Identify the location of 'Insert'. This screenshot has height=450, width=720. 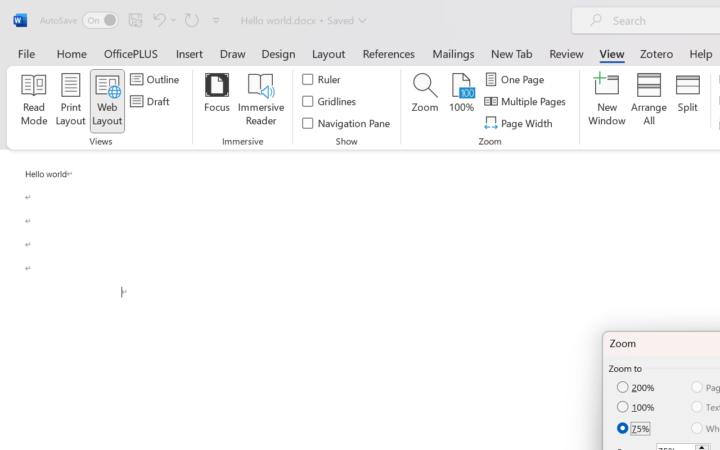
(190, 53).